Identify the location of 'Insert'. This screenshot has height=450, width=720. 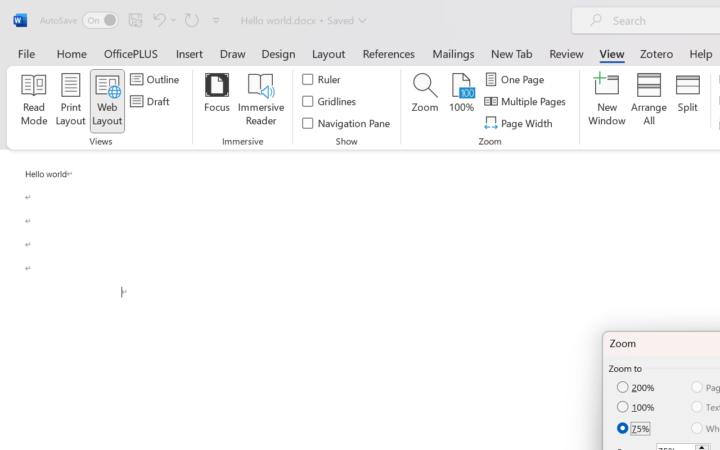
(190, 53).